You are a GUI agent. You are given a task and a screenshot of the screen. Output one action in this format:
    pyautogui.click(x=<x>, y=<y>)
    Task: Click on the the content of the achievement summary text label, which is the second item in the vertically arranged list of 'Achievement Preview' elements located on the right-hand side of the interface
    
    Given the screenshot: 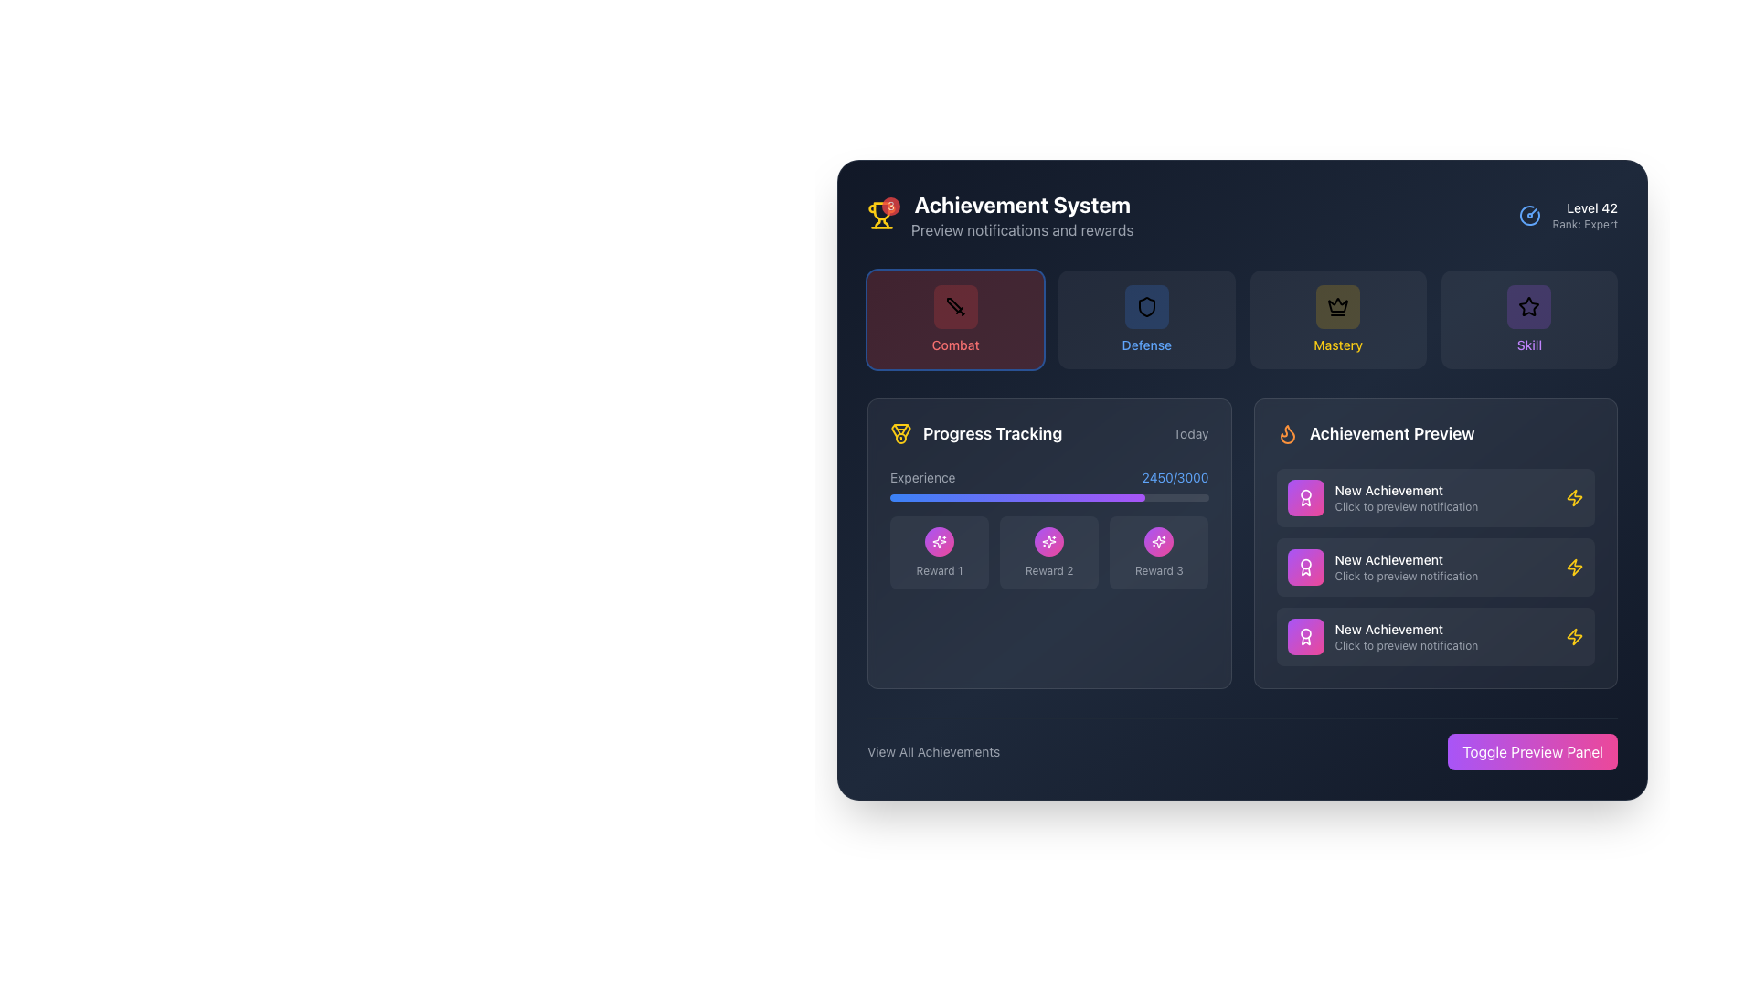 What is the action you would take?
    pyautogui.click(x=1443, y=567)
    